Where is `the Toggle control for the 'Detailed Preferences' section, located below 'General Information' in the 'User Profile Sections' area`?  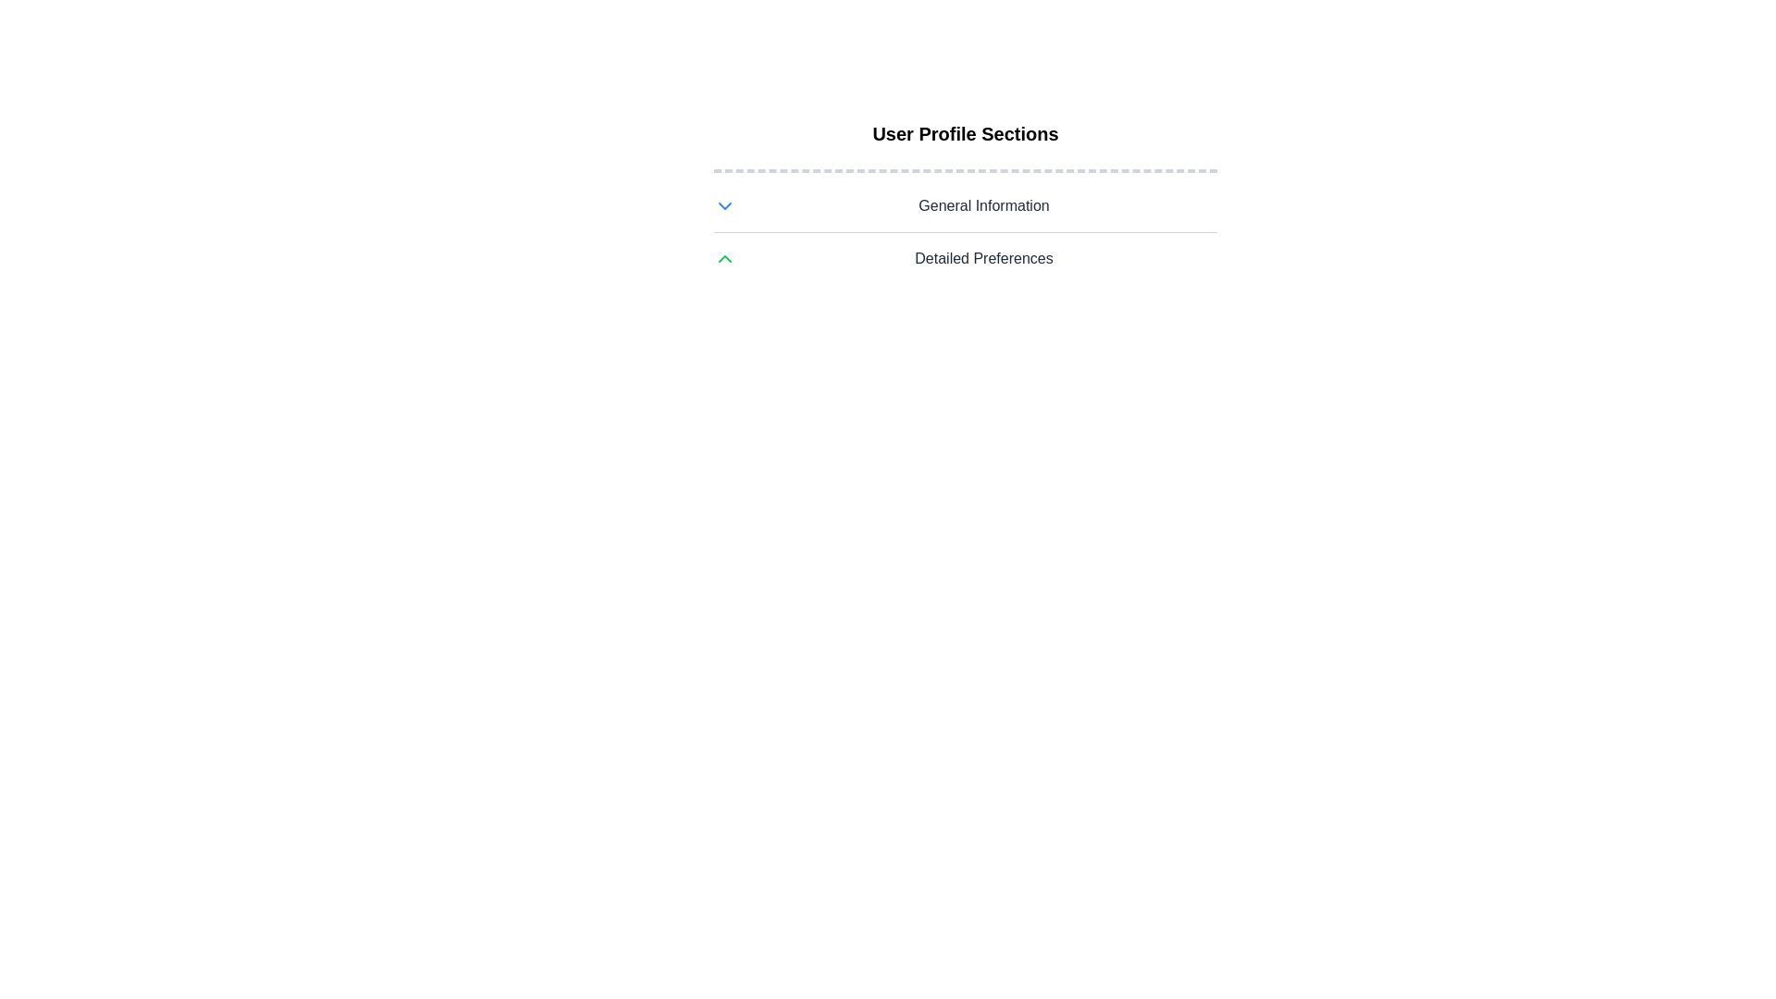
the Toggle control for the 'Detailed Preferences' section, located below 'General Information' in the 'User Profile Sections' area is located at coordinates (964, 259).